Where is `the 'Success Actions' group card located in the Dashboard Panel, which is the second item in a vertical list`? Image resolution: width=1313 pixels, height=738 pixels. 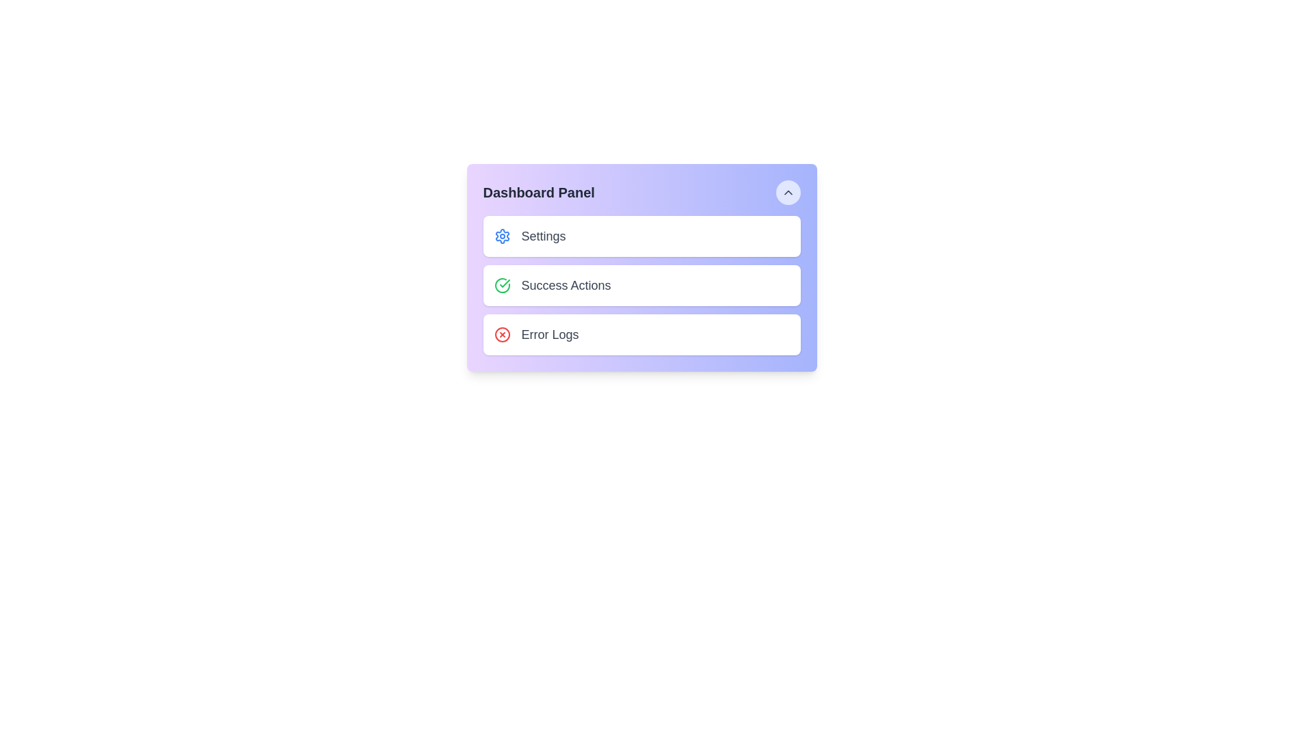
the 'Success Actions' group card located in the Dashboard Panel, which is the second item in a vertical list is located at coordinates (641, 284).